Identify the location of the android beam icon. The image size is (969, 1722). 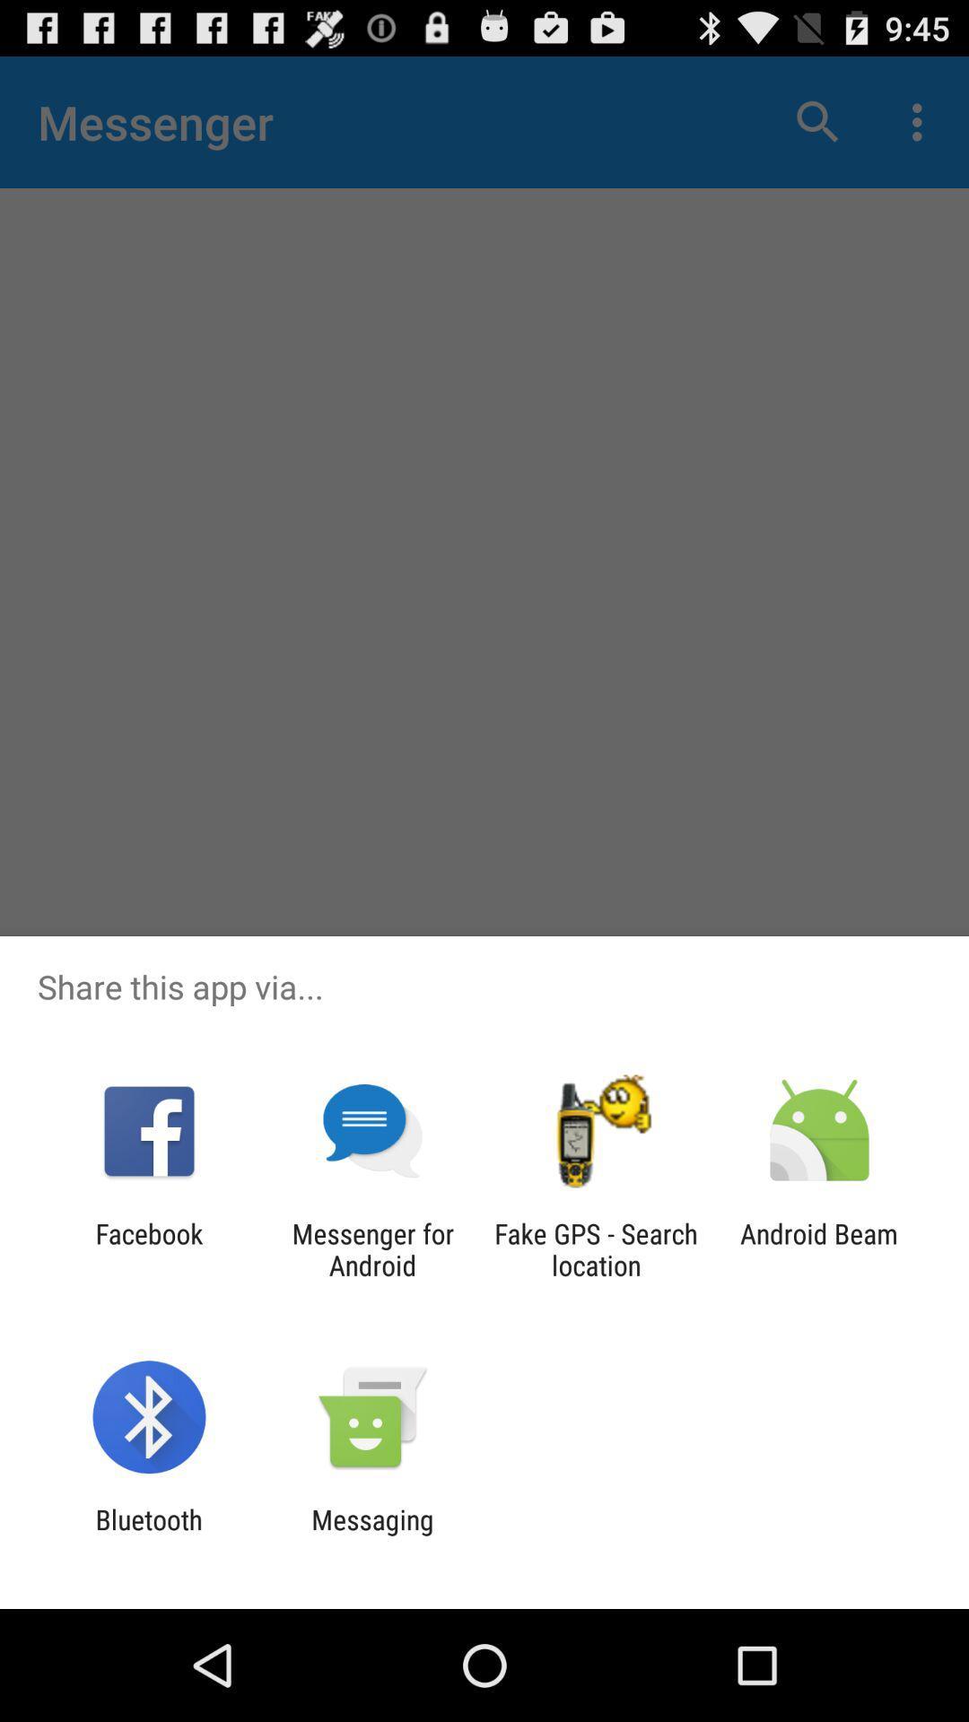
(819, 1248).